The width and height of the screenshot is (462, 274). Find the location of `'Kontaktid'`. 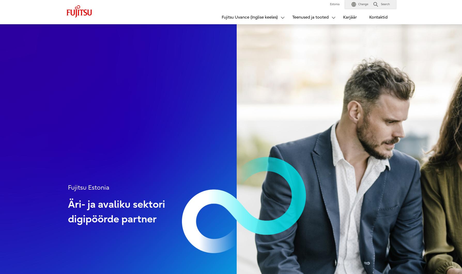

'Kontaktid' is located at coordinates (378, 17).